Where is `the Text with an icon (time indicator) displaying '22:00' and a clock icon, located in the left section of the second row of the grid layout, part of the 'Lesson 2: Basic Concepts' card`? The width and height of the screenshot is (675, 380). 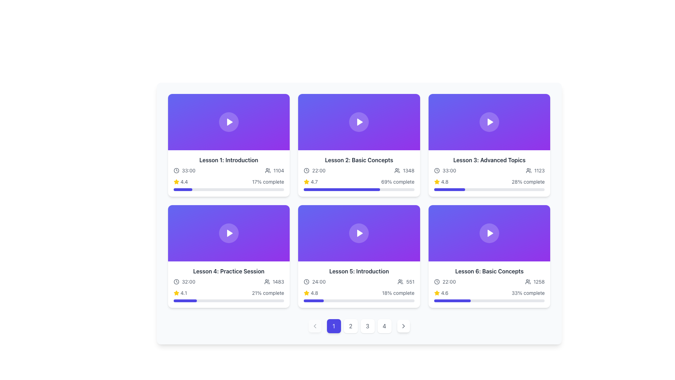
the Text with an icon (time indicator) displaying '22:00' and a clock icon, located in the left section of the second row of the grid layout, part of the 'Lesson 2: Basic Concepts' card is located at coordinates (314, 171).